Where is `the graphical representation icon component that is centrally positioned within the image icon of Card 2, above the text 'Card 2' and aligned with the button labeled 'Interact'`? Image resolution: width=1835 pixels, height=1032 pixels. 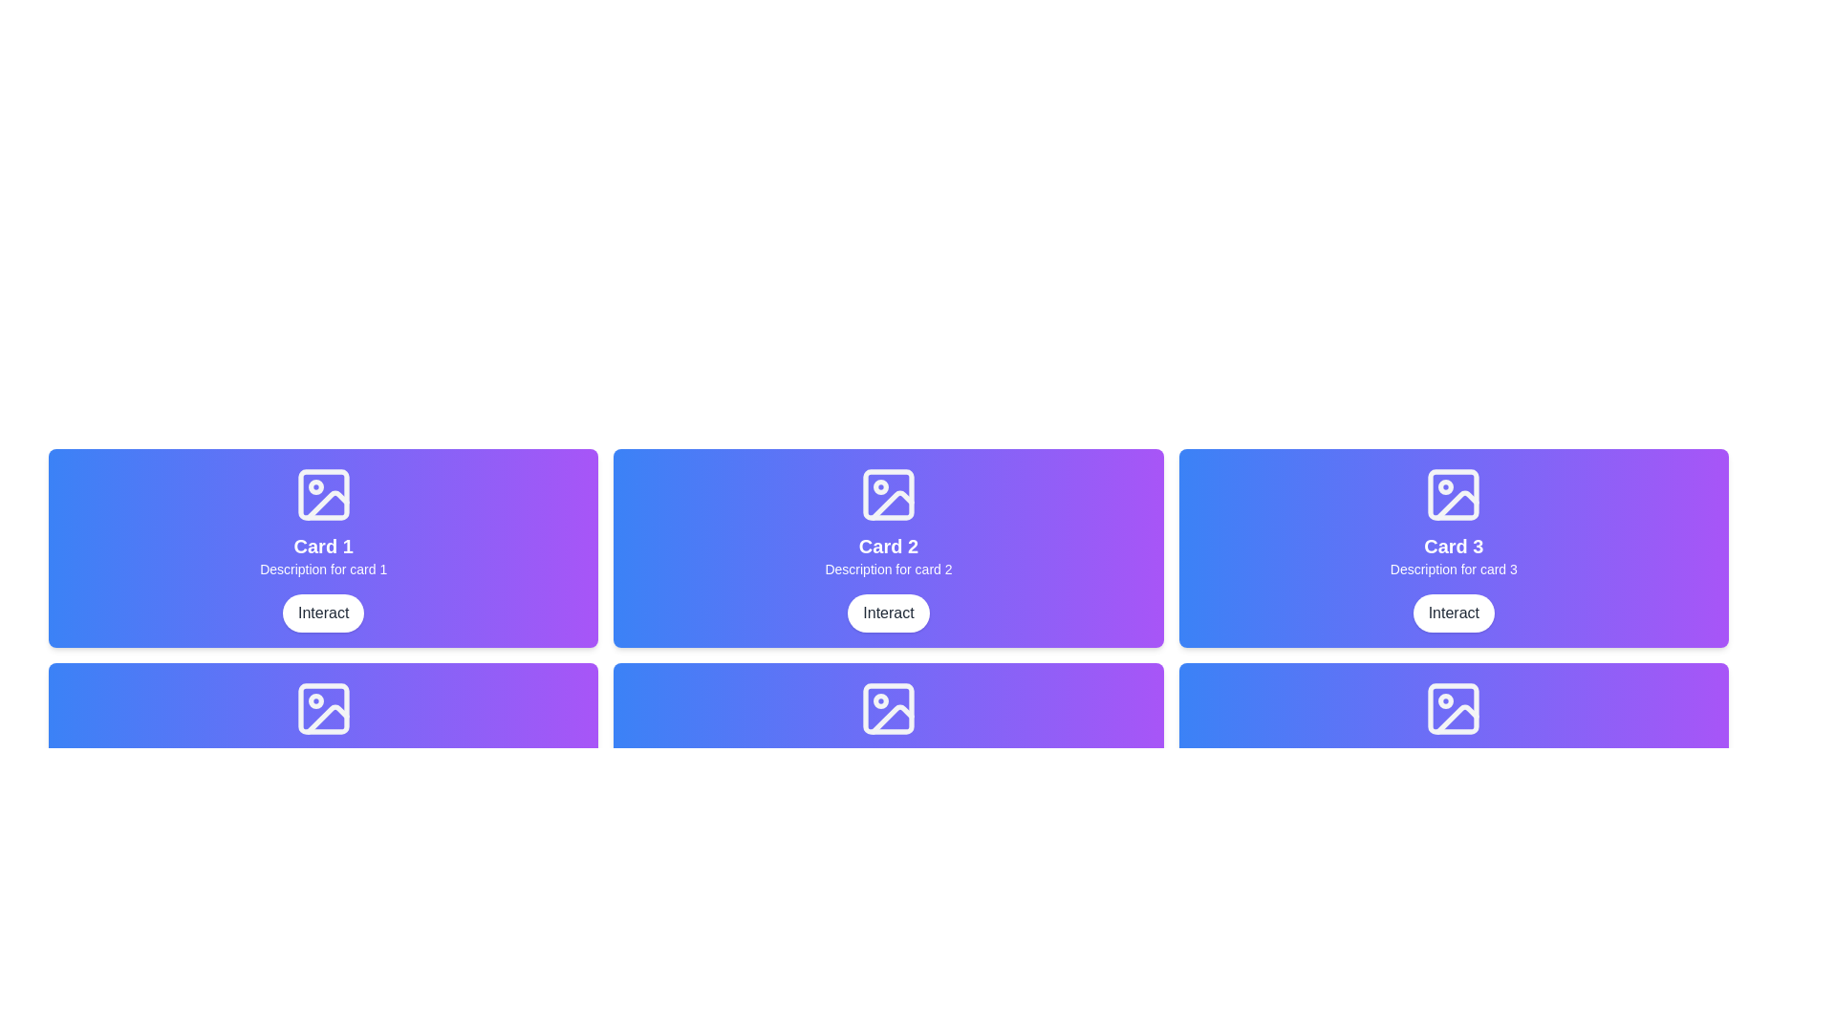 the graphical representation icon component that is centrally positioned within the image icon of Card 2, above the text 'Card 2' and aligned with the button labeled 'Interact' is located at coordinates (888, 493).